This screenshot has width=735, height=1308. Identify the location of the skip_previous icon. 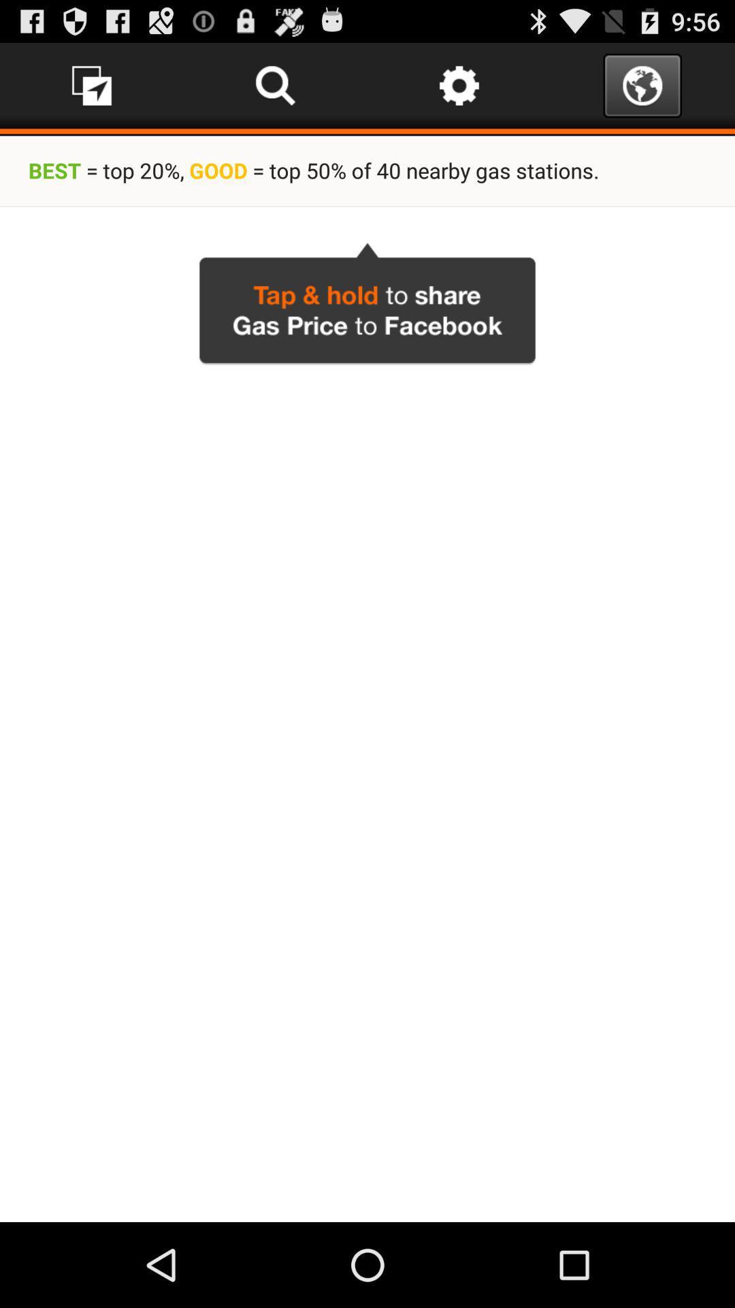
(276, 91).